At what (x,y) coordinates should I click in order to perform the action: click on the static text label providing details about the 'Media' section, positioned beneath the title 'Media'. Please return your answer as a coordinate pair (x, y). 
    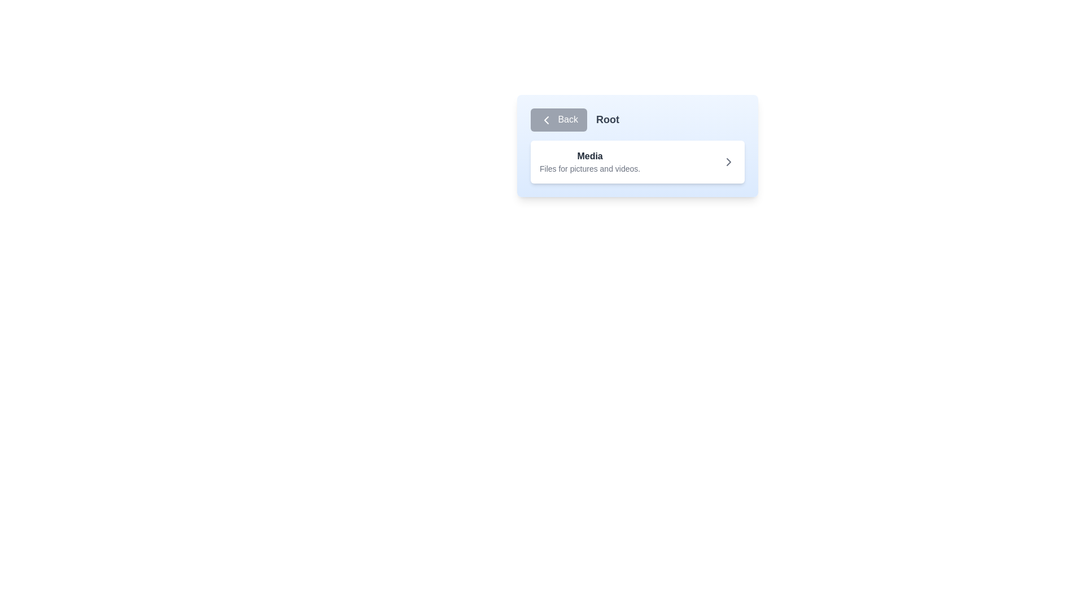
    Looking at the image, I should click on (589, 168).